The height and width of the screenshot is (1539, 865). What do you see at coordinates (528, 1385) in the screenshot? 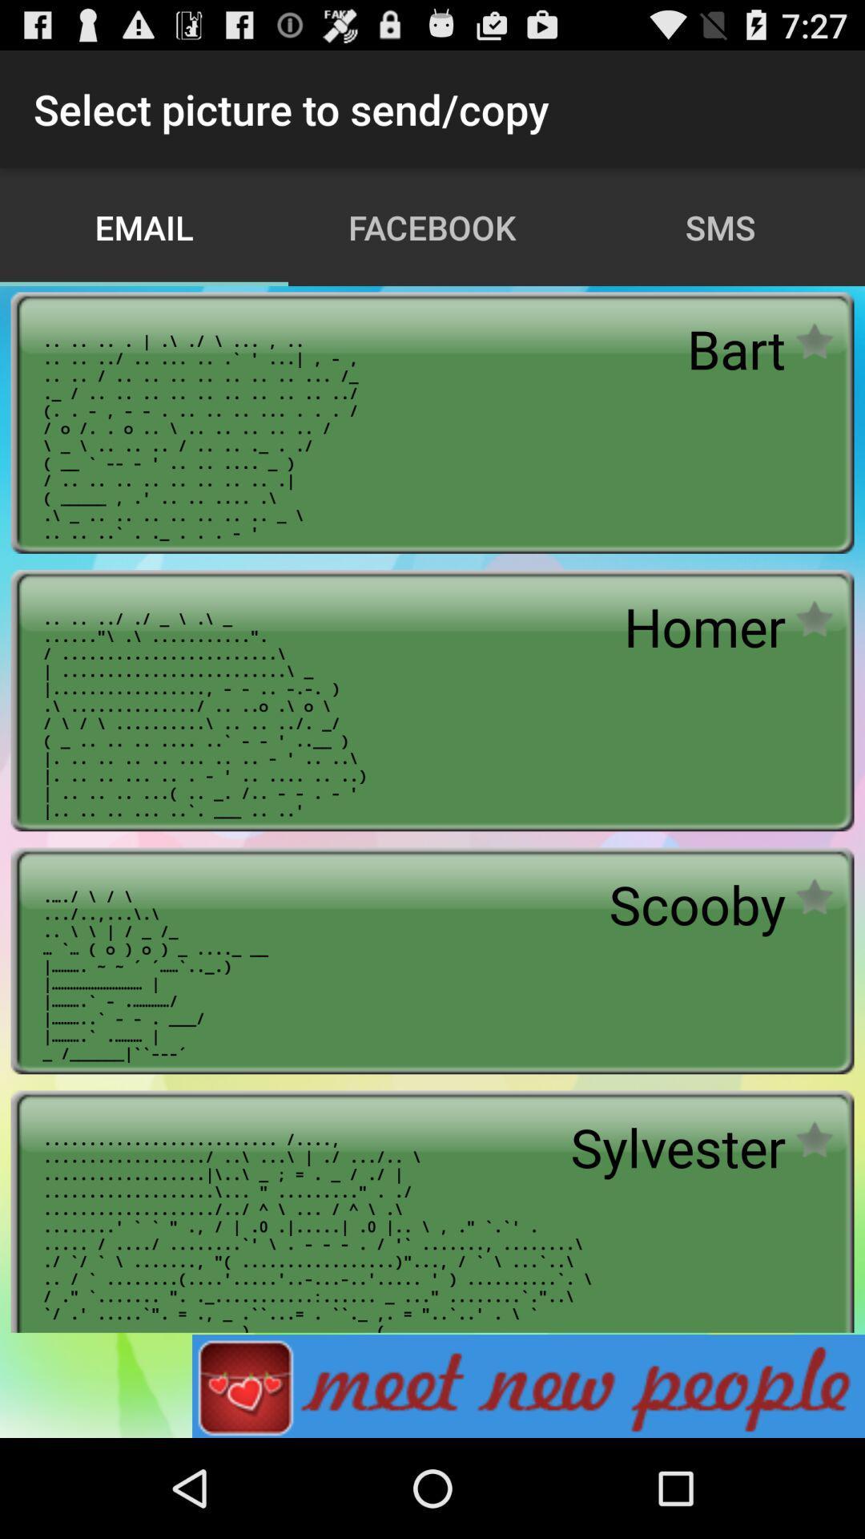
I see `advertisement for dating app` at bounding box center [528, 1385].